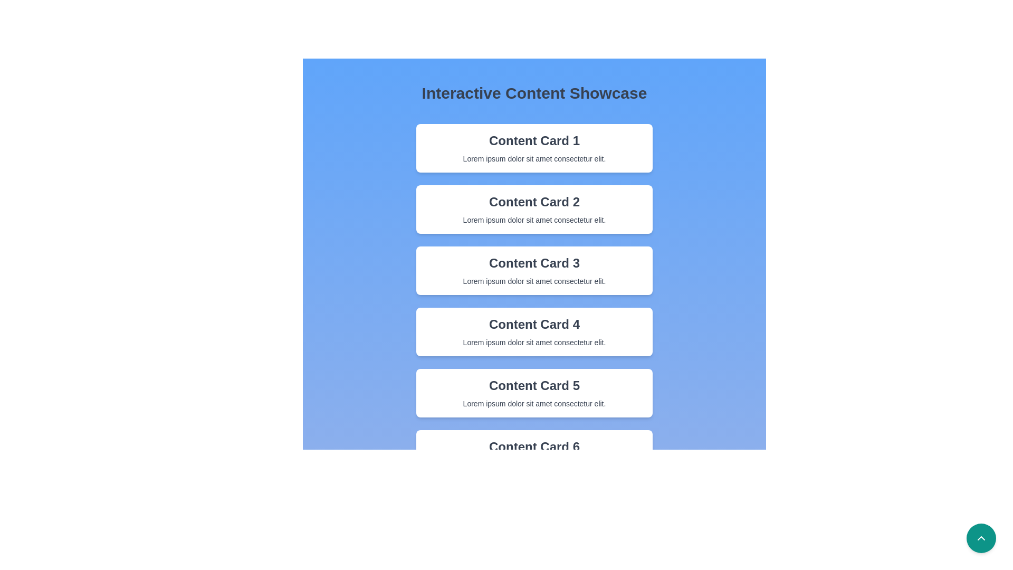 The width and height of the screenshot is (1013, 570). Describe the element at coordinates (534, 393) in the screenshot. I see `the informational card titled 'Content Card 5', which is a white rectangular card with rounded corners, displaying bold black text at the top and smaller gray text below` at that location.